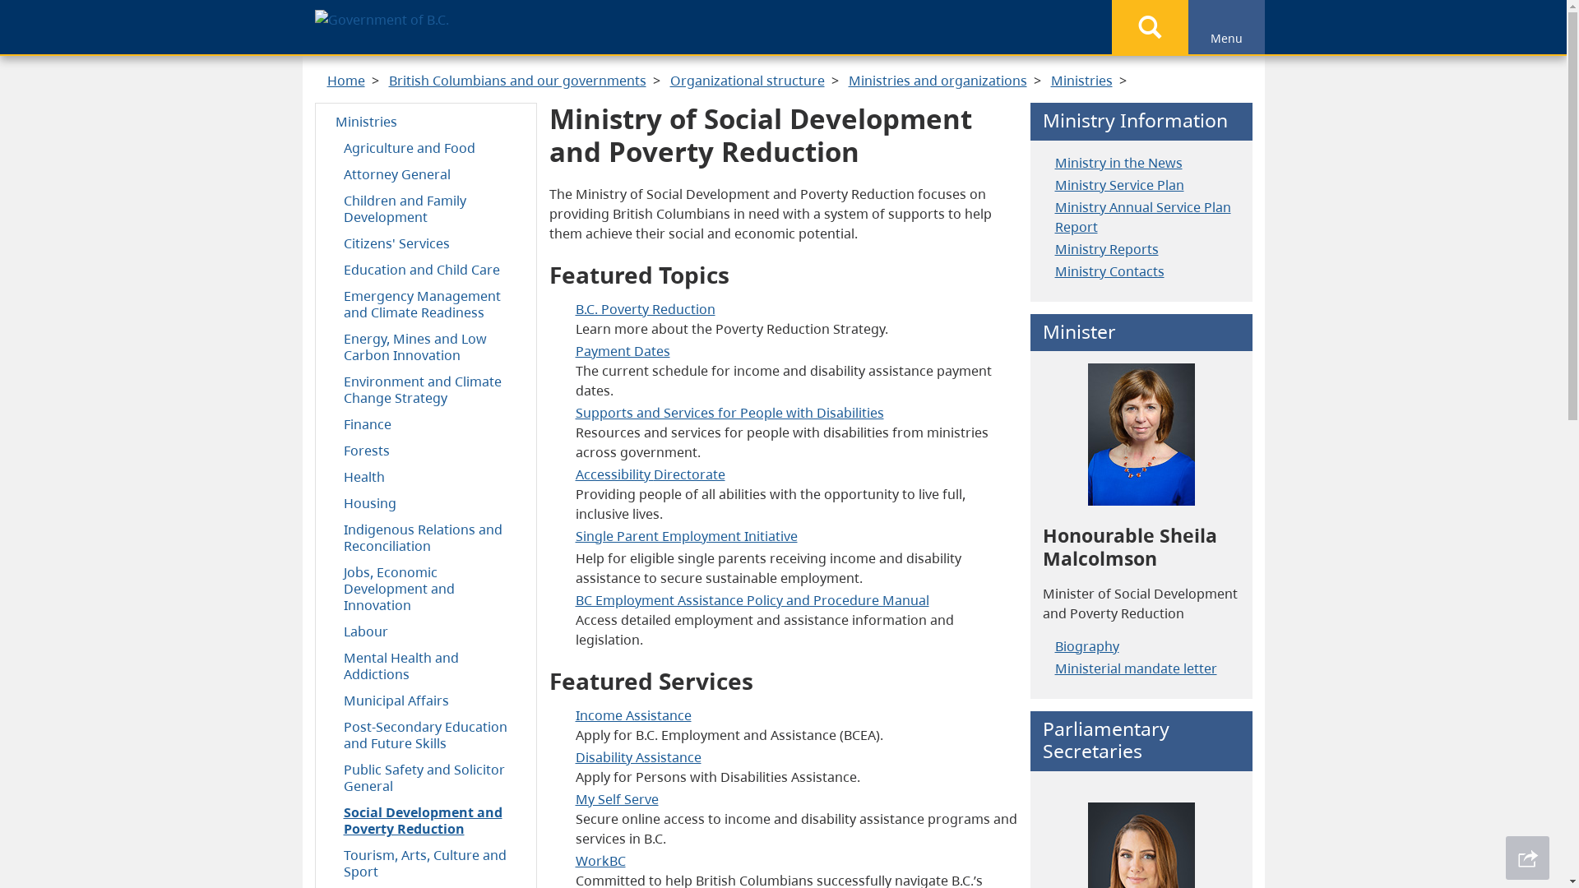  Describe the element at coordinates (1134, 668) in the screenshot. I see `'Ministerial mandate letter'` at that location.